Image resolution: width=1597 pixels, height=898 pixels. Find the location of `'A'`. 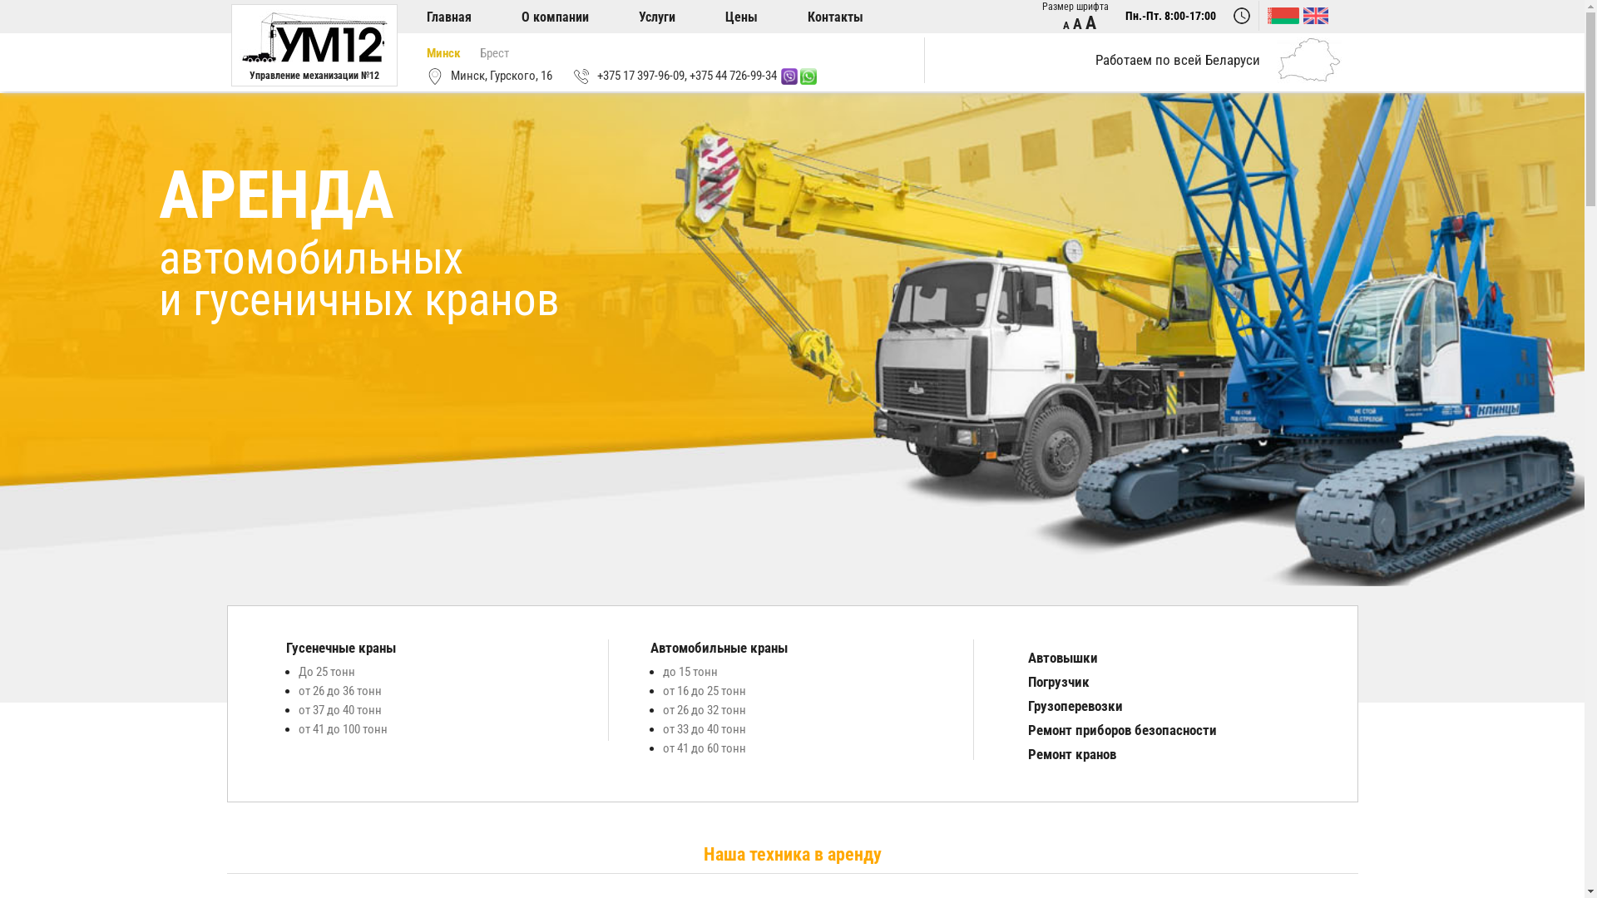

'A' is located at coordinates (1085, 22).